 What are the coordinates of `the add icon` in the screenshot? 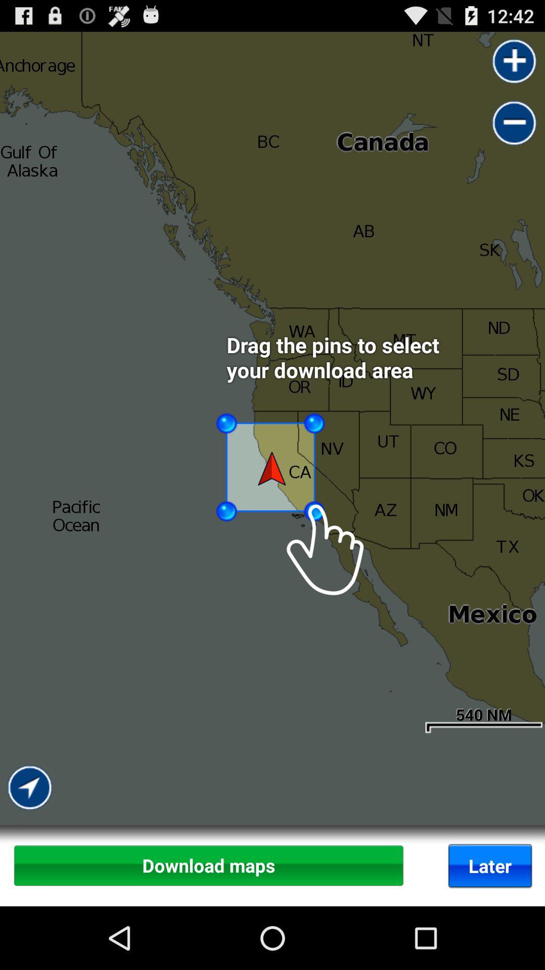 It's located at (514, 65).